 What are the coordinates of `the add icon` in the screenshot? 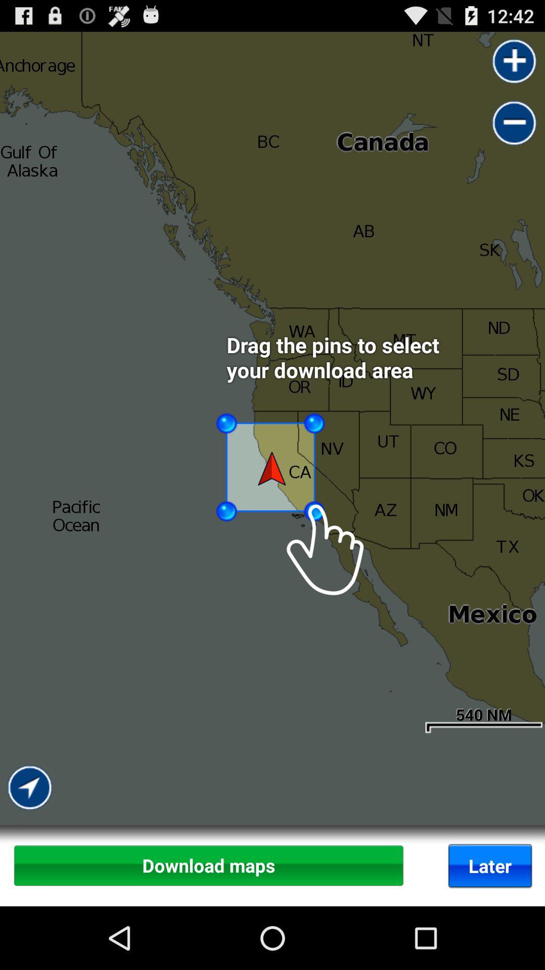 It's located at (514, 65).